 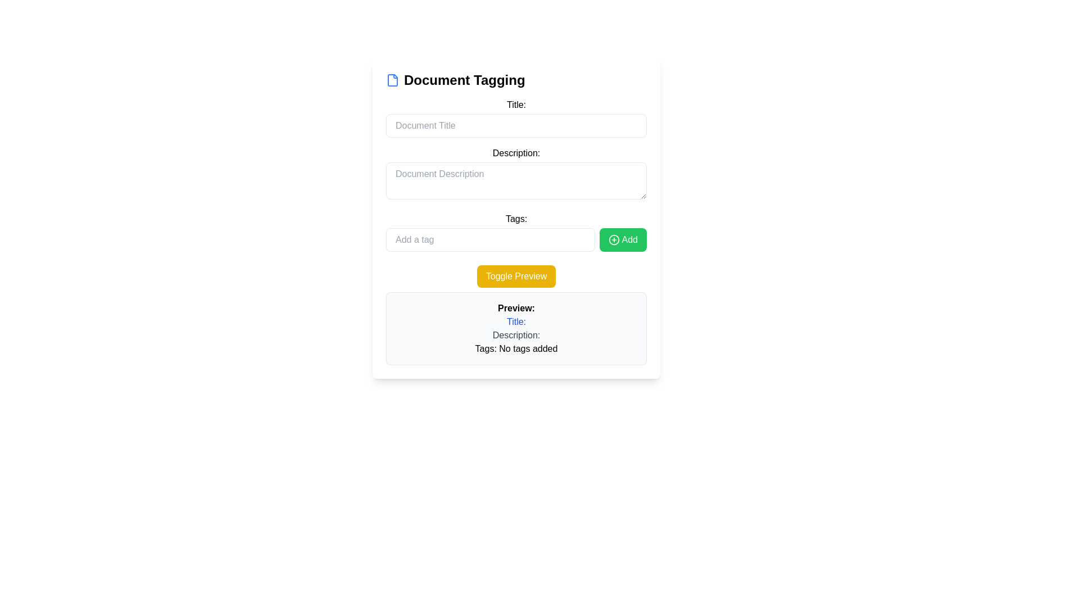 I want to click on the 'Toggle Preview' button, which is a rectangular button with rounded corners, yellow background, and white text, located above the 'Preview' panel, so click(x=515, y=277).